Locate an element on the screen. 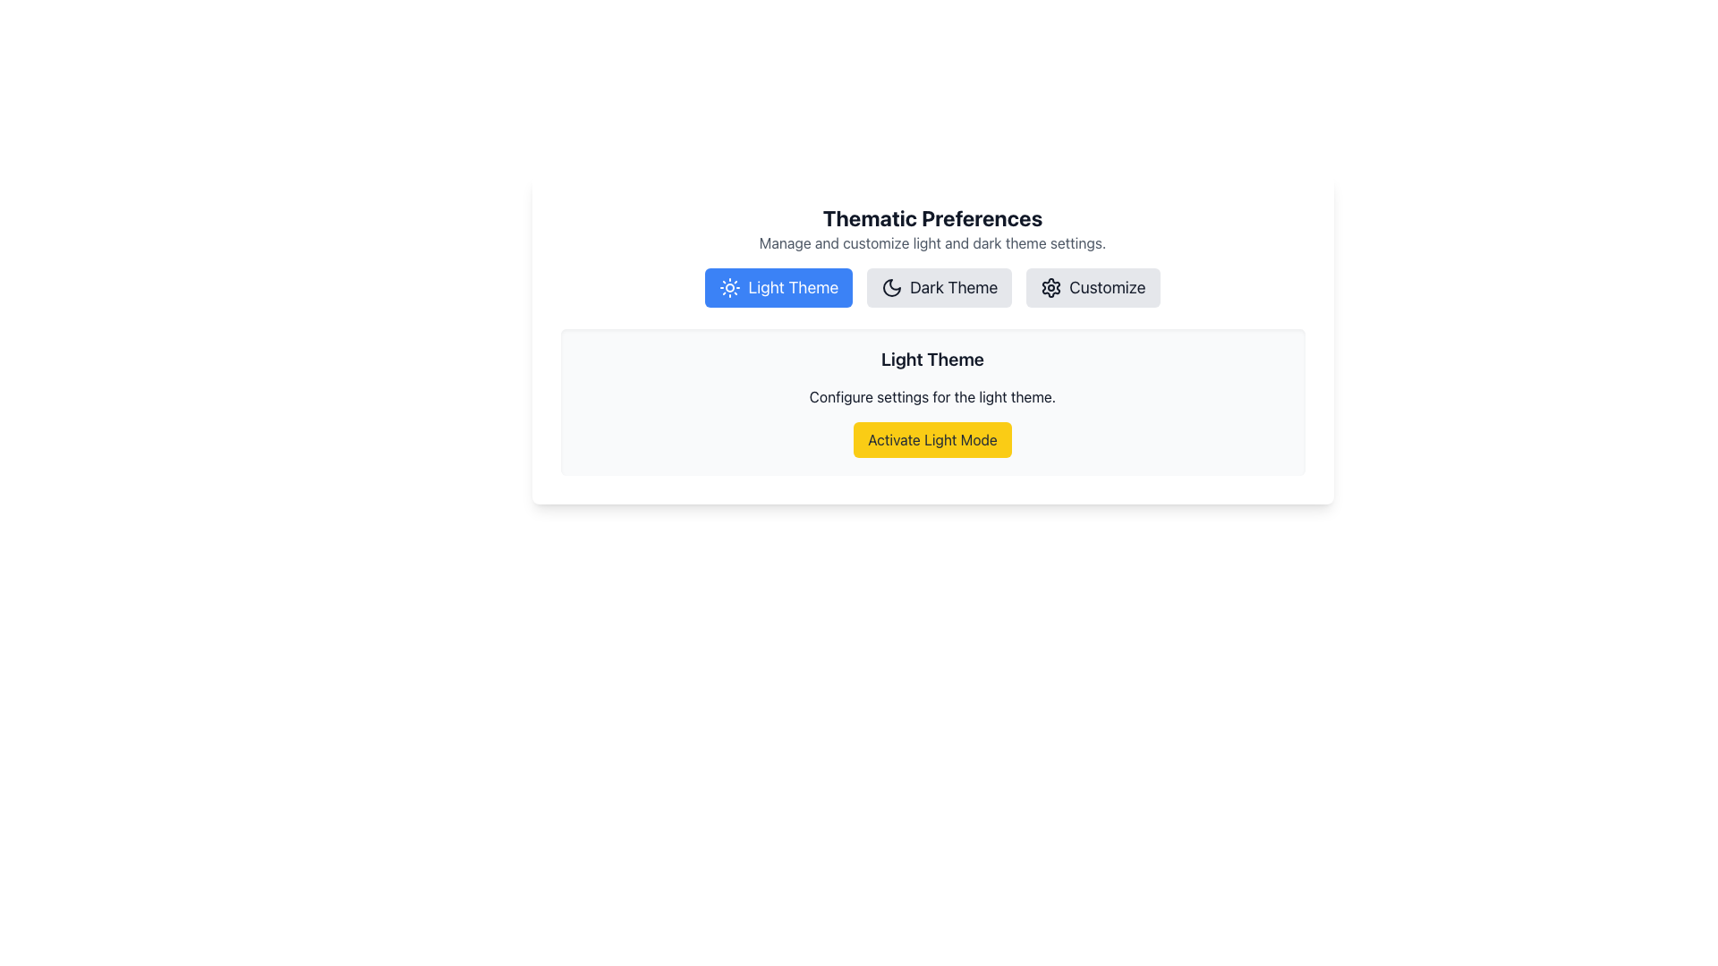  the yellow rectangular button labeled 'Activate Light Mode' is located at coordinates (931, 440).